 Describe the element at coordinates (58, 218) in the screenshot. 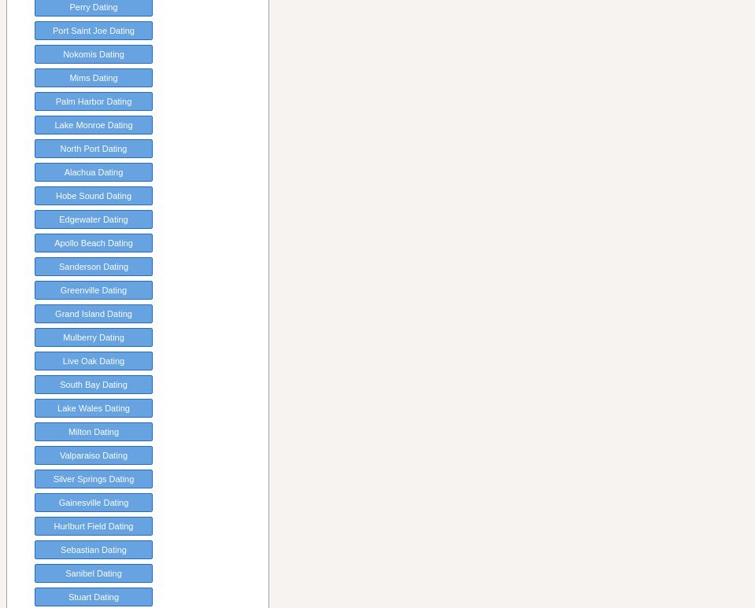

I see `'Edgewater Dating'` at that location.